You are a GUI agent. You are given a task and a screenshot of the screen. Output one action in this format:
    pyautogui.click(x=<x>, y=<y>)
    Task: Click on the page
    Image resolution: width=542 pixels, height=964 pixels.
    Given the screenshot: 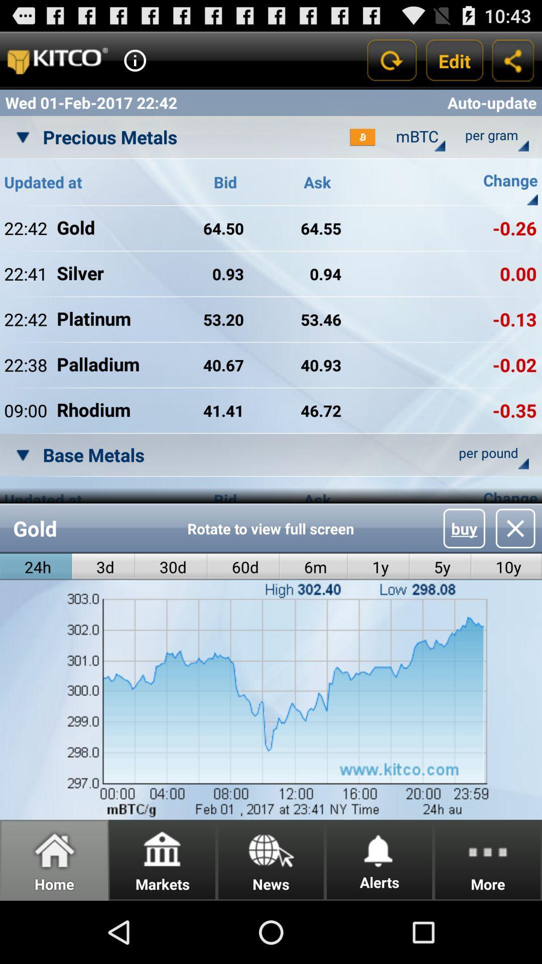 What is the action you would take?
    pyautogui.click(x=515, y=528)
    